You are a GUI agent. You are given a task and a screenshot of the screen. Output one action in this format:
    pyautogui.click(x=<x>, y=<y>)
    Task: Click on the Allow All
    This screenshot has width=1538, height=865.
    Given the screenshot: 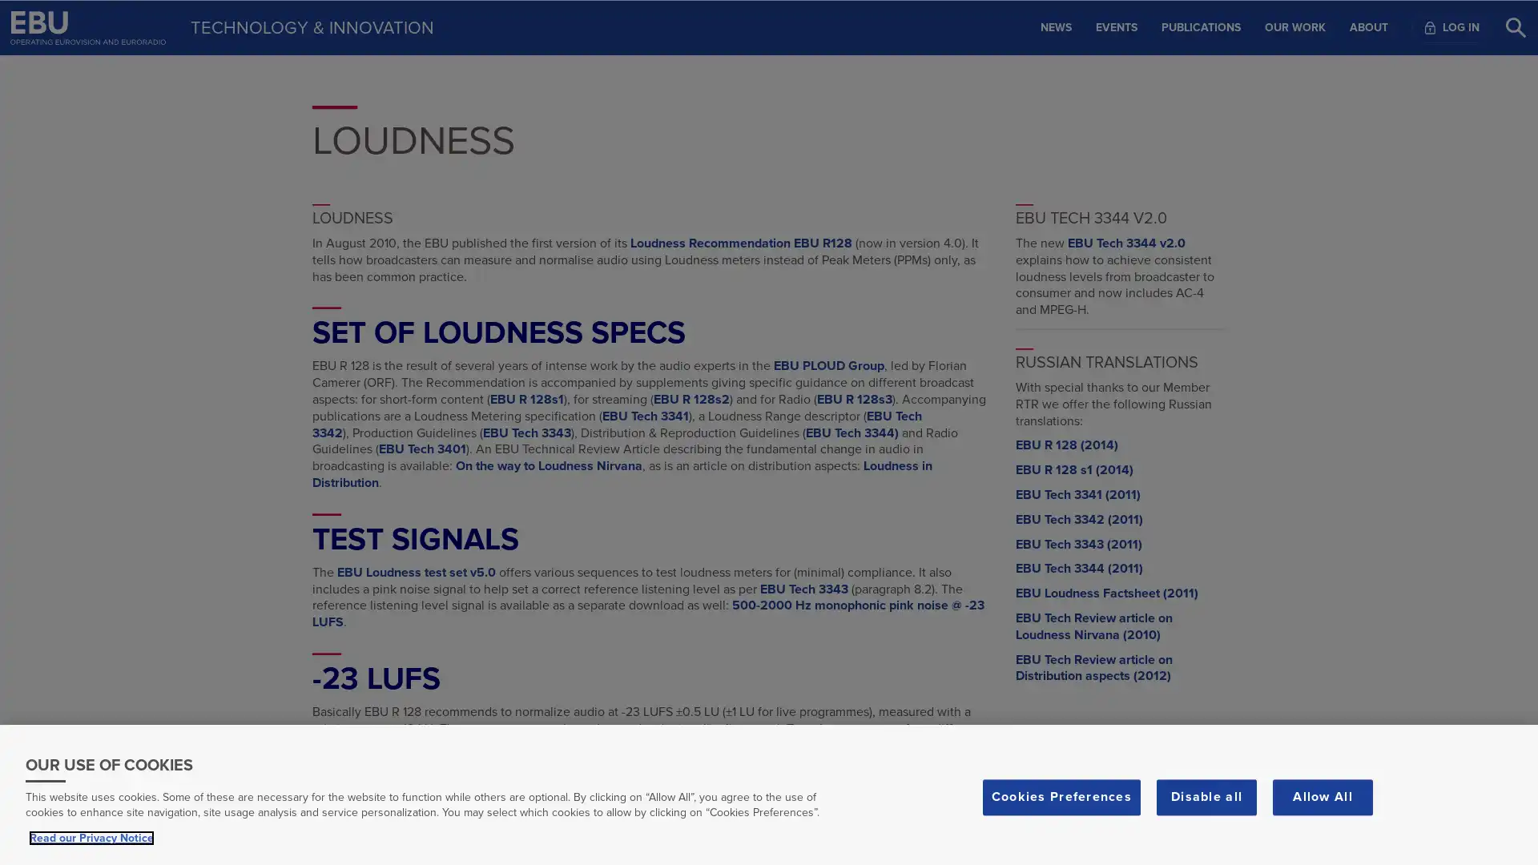 What is the action you would take?
    pyautogui.click(x=1323, y=797)
    